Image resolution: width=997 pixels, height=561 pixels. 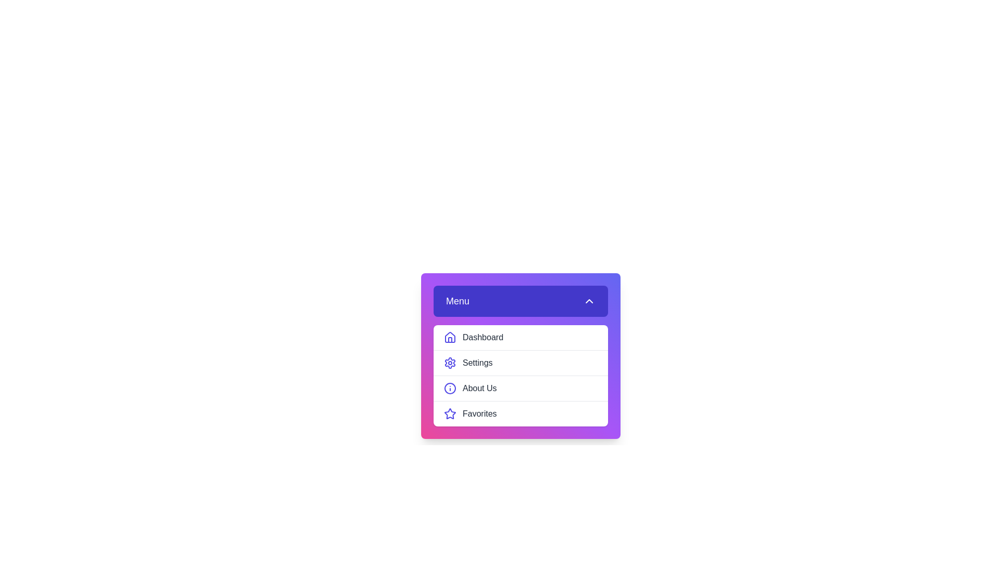 What do you see at coordinates (450, 338) in the screenshot?
I see `the icon next to the menu item Dashboard` at bounding box center [450, 338].